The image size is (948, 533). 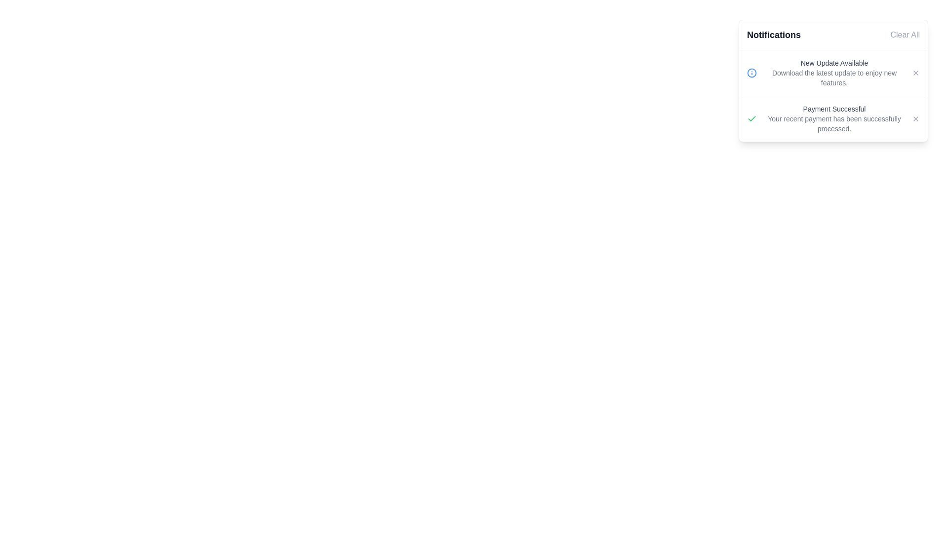 What do you see at coordinates (833, 63) in the screenshot?
I see `the 'New Update Available' text label, which is styled in medium-weight dark gray font on a white background, located at the top of the notification card` at bounding box center [833, 63].